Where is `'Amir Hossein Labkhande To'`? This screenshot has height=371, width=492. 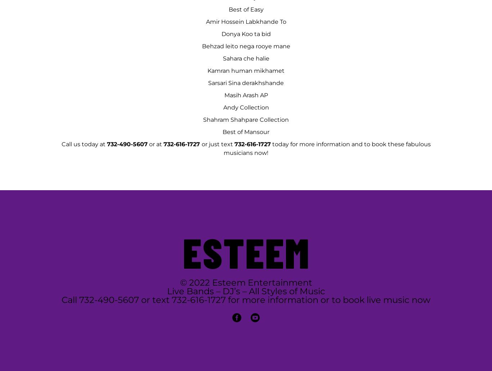 'Amir Hossein Labkhande To' is located at coordinates (245, 22).